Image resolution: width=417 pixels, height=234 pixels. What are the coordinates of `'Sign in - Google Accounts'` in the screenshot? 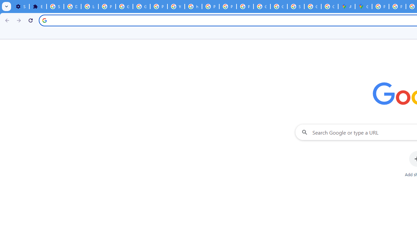 It's located at (55, 6).